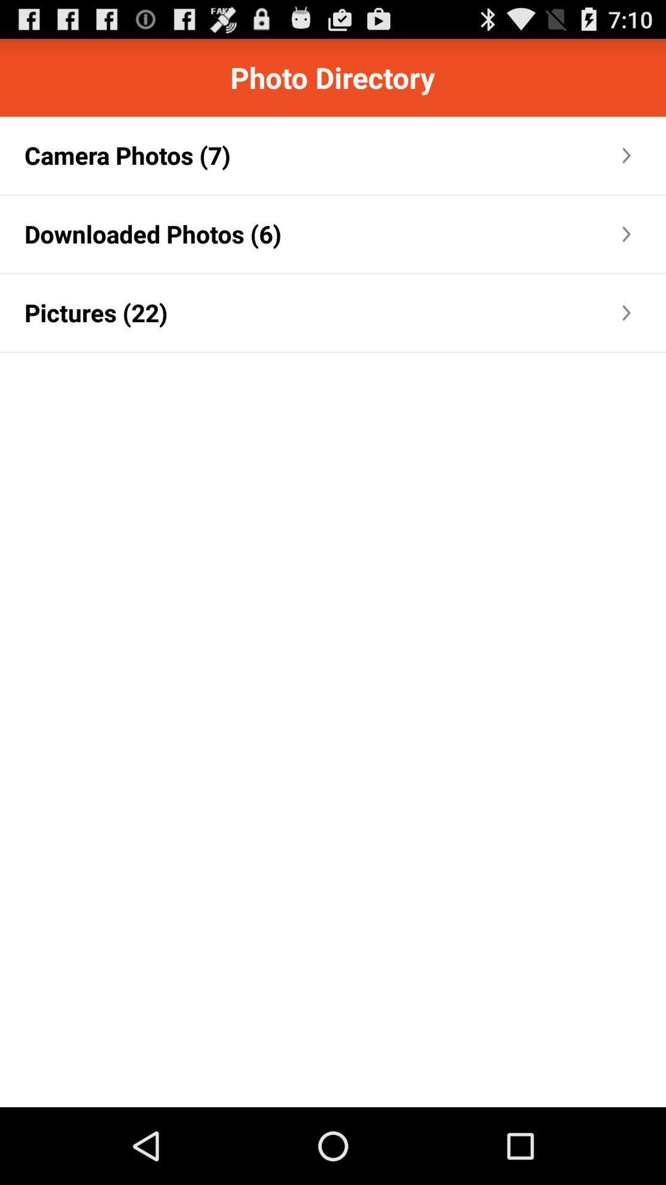 The width and height of the screenshot is (666, 1185). I want to click on the icon next to the pictures (22) icon, so click(394, 313).